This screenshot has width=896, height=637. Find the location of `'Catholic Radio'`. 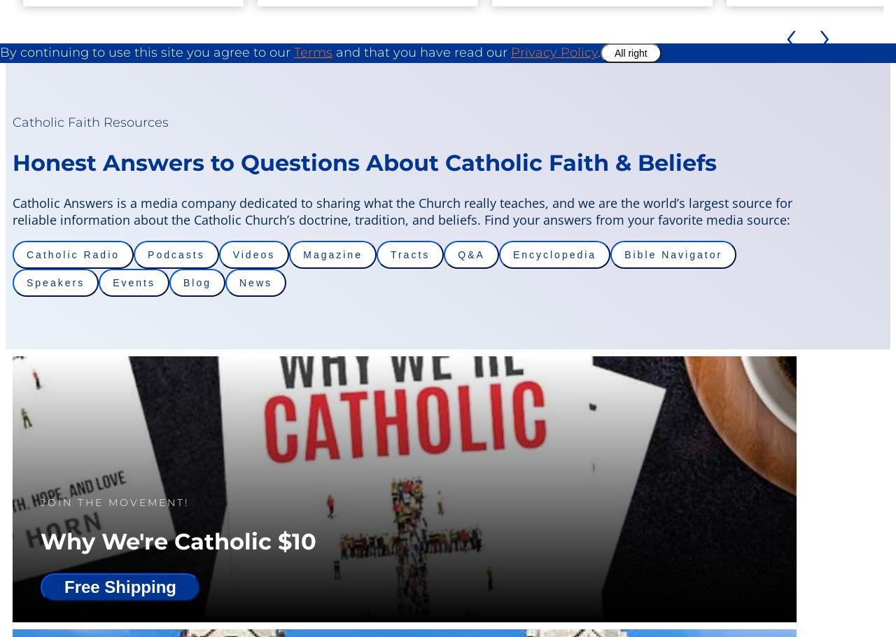

'Catholic Radio' is located at coordinates (72, 255).